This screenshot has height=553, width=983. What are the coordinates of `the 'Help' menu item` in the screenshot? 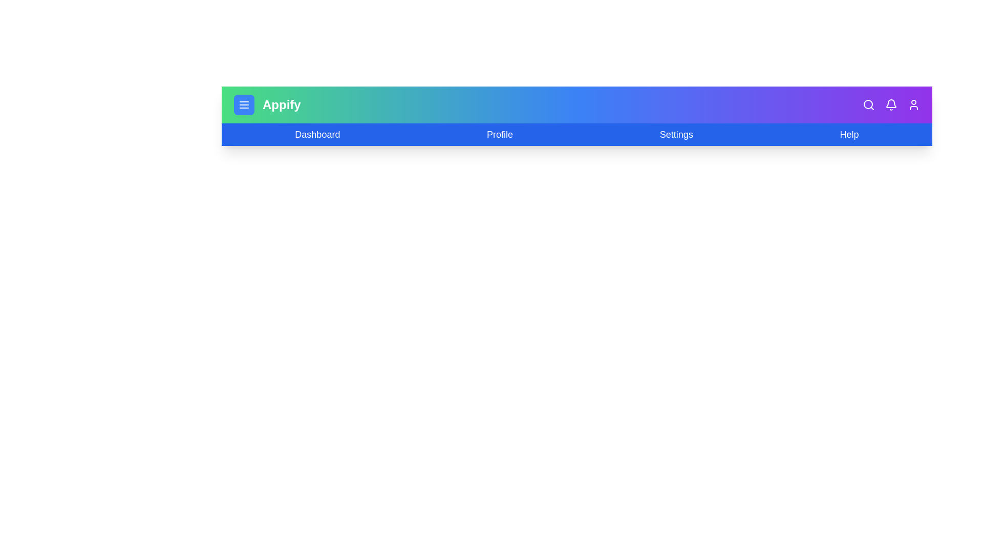 It's located at (849, 134).